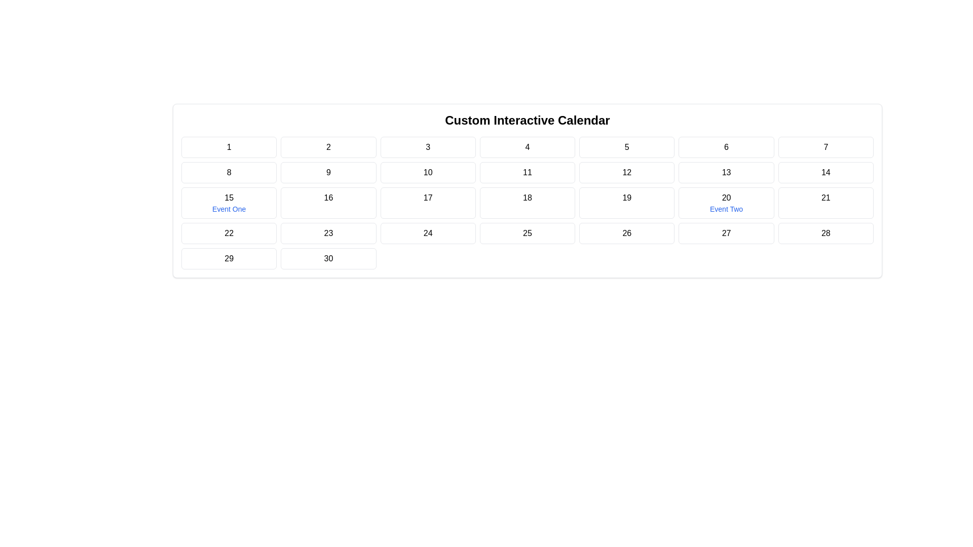 This screenshot has height=547, width=973. What do you see at coordinates (726, 203) in the screenshot?
I see `the Calendar date element displaying '20' with the event label 'Event Two'` at bounding box center [726, 203].